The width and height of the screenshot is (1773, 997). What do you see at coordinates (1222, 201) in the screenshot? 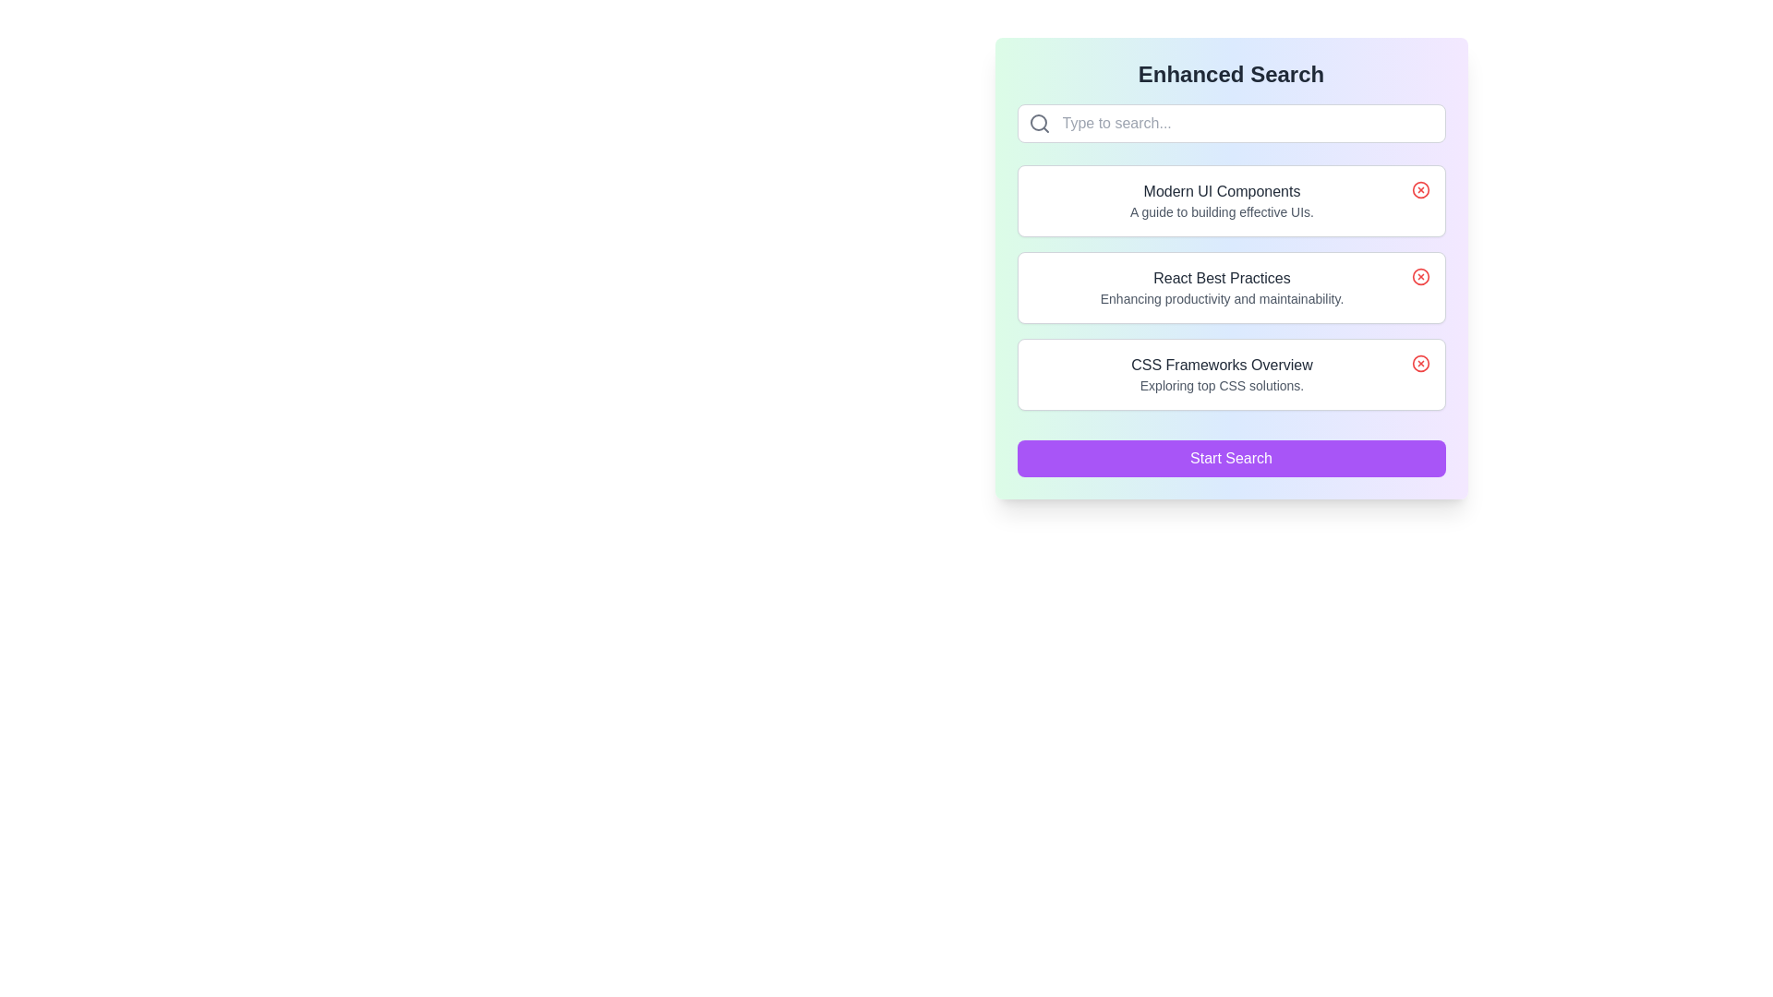
I see `the first list item titled 'Modern UI Components' with the subtitle 'A guide to building effective UIs.'` at bounding box center [1222, 201].